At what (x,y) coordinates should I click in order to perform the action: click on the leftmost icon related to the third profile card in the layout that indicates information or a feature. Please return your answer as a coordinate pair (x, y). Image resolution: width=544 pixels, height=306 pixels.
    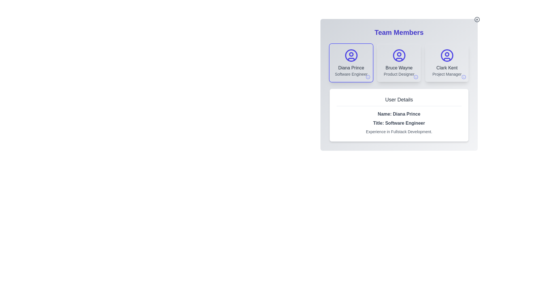
    Looking at the image, I should click on (464, 77).